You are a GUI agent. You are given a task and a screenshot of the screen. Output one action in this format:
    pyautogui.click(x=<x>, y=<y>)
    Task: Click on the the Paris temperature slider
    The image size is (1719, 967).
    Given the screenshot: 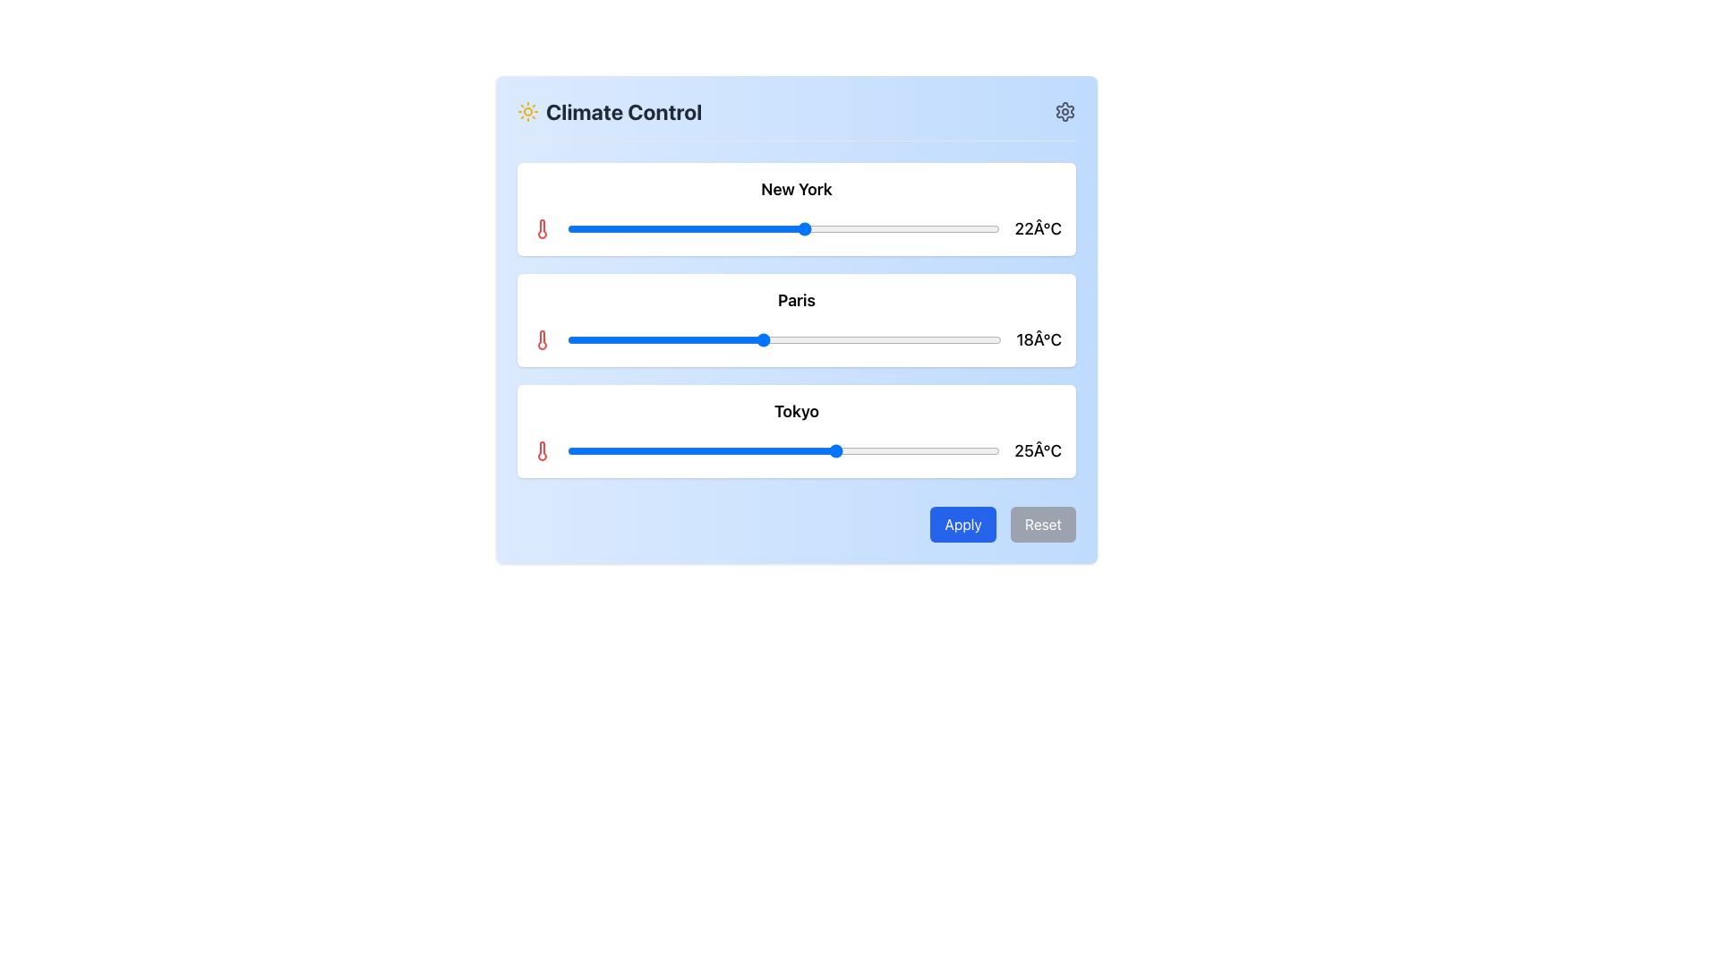 What is the action you would take?
    pyautogui.click(x=752, y=340)
    